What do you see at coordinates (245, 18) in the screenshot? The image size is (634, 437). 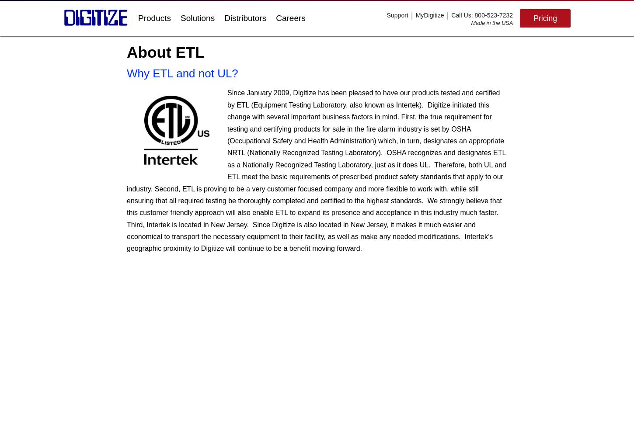 I see `'Distributors'` at bounding box center [245, 18].